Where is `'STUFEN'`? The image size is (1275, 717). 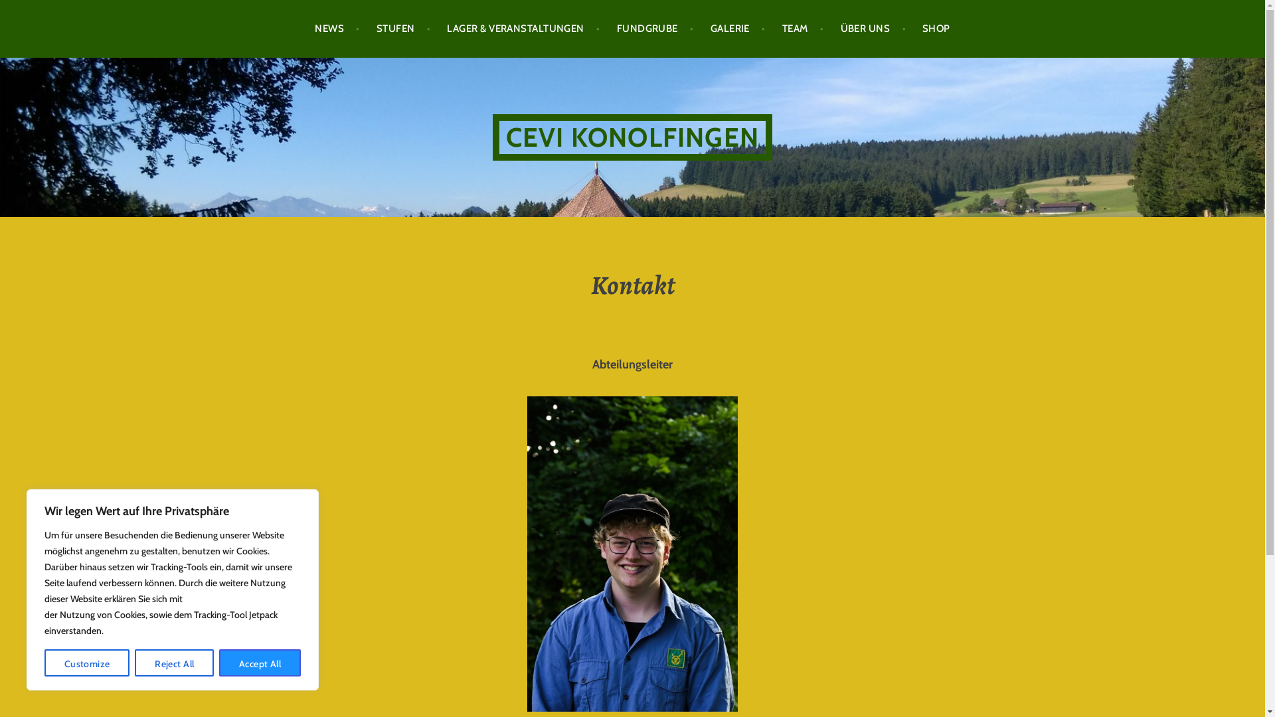
'STUFEN' is located at coordinates (403, 29).